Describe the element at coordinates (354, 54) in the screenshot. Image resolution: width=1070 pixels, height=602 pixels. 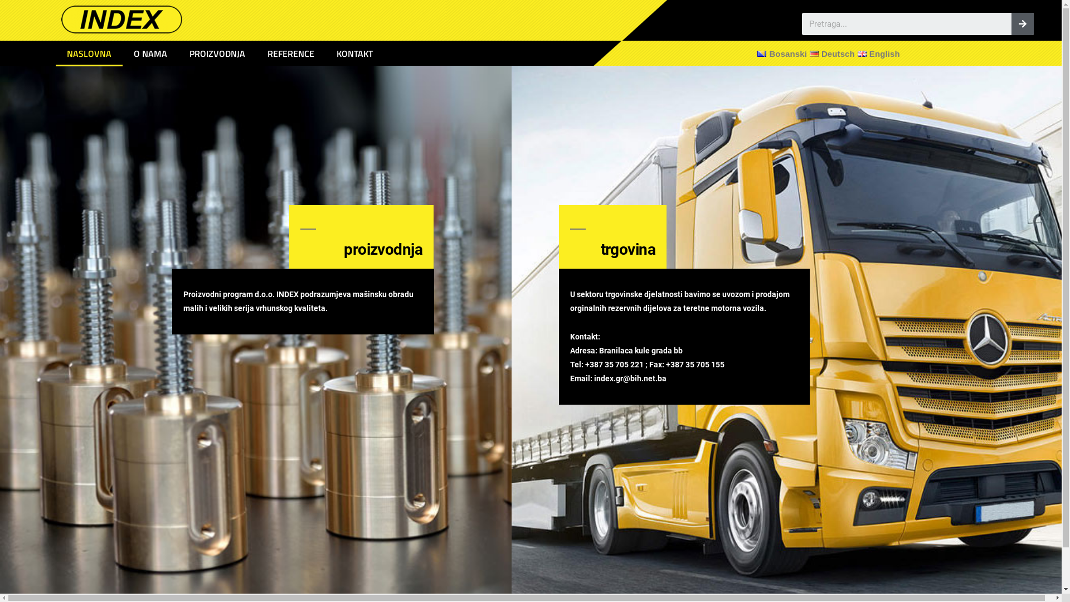
I see `'KONTAKT'` at that location.